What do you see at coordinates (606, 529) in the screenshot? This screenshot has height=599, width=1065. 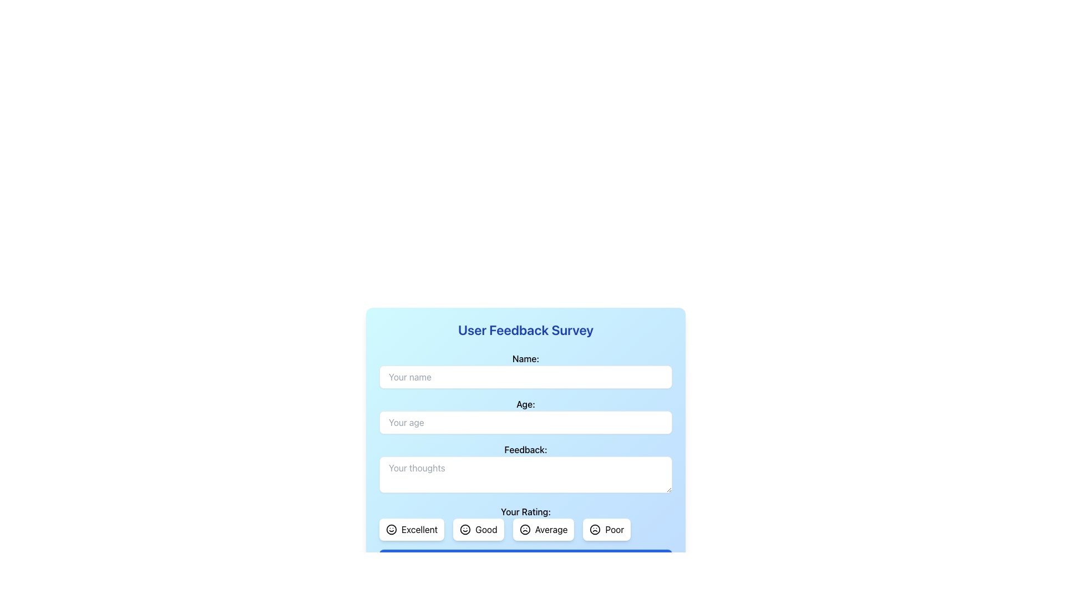 I see `the button labeled 'Poor' with a frowning face icon, which is the fourth button in a series of four horizontally arranged buttons at the bottom of the survey form` at bounding box center [606, 529].